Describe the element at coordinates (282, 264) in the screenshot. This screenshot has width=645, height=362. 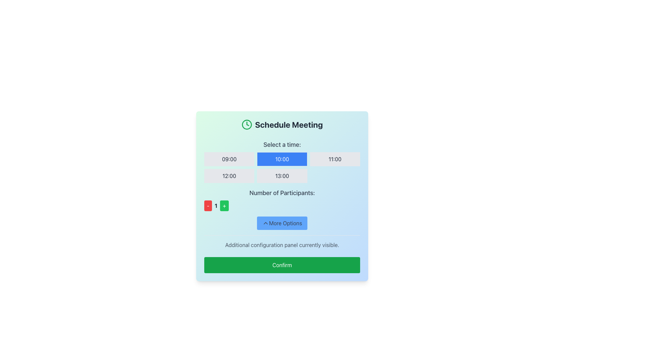
I see `the confirmation button at the bottom-center of the 'Schedule Meeting' modal` at that location.